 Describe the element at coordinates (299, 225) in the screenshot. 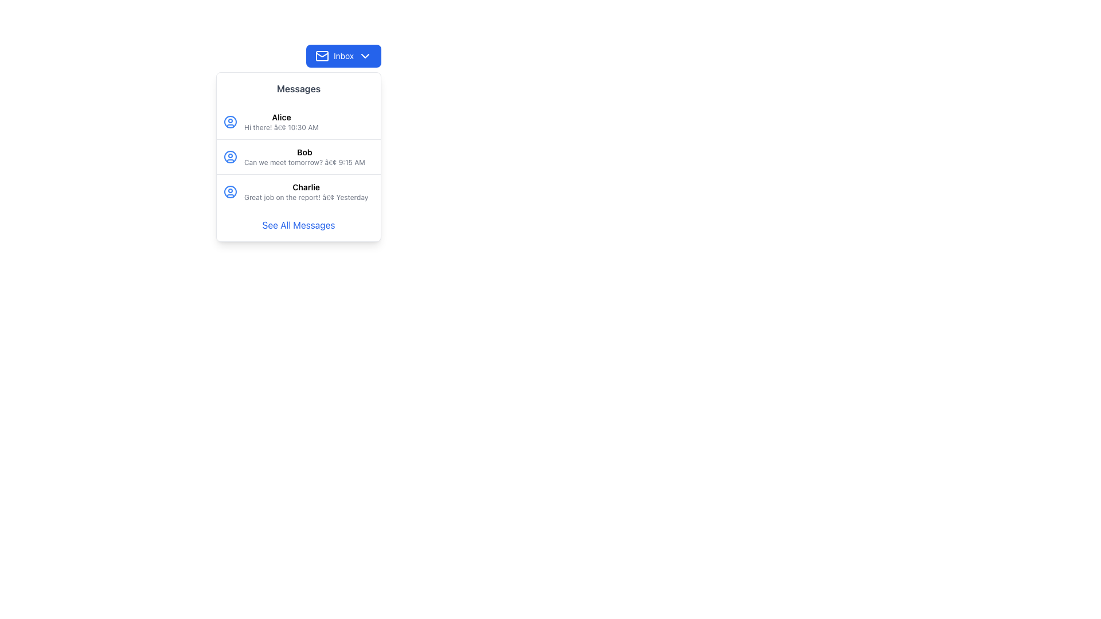

I see `the blue underlined text link 'See All Messages' located at the bottom center of the message preview card` at that location.